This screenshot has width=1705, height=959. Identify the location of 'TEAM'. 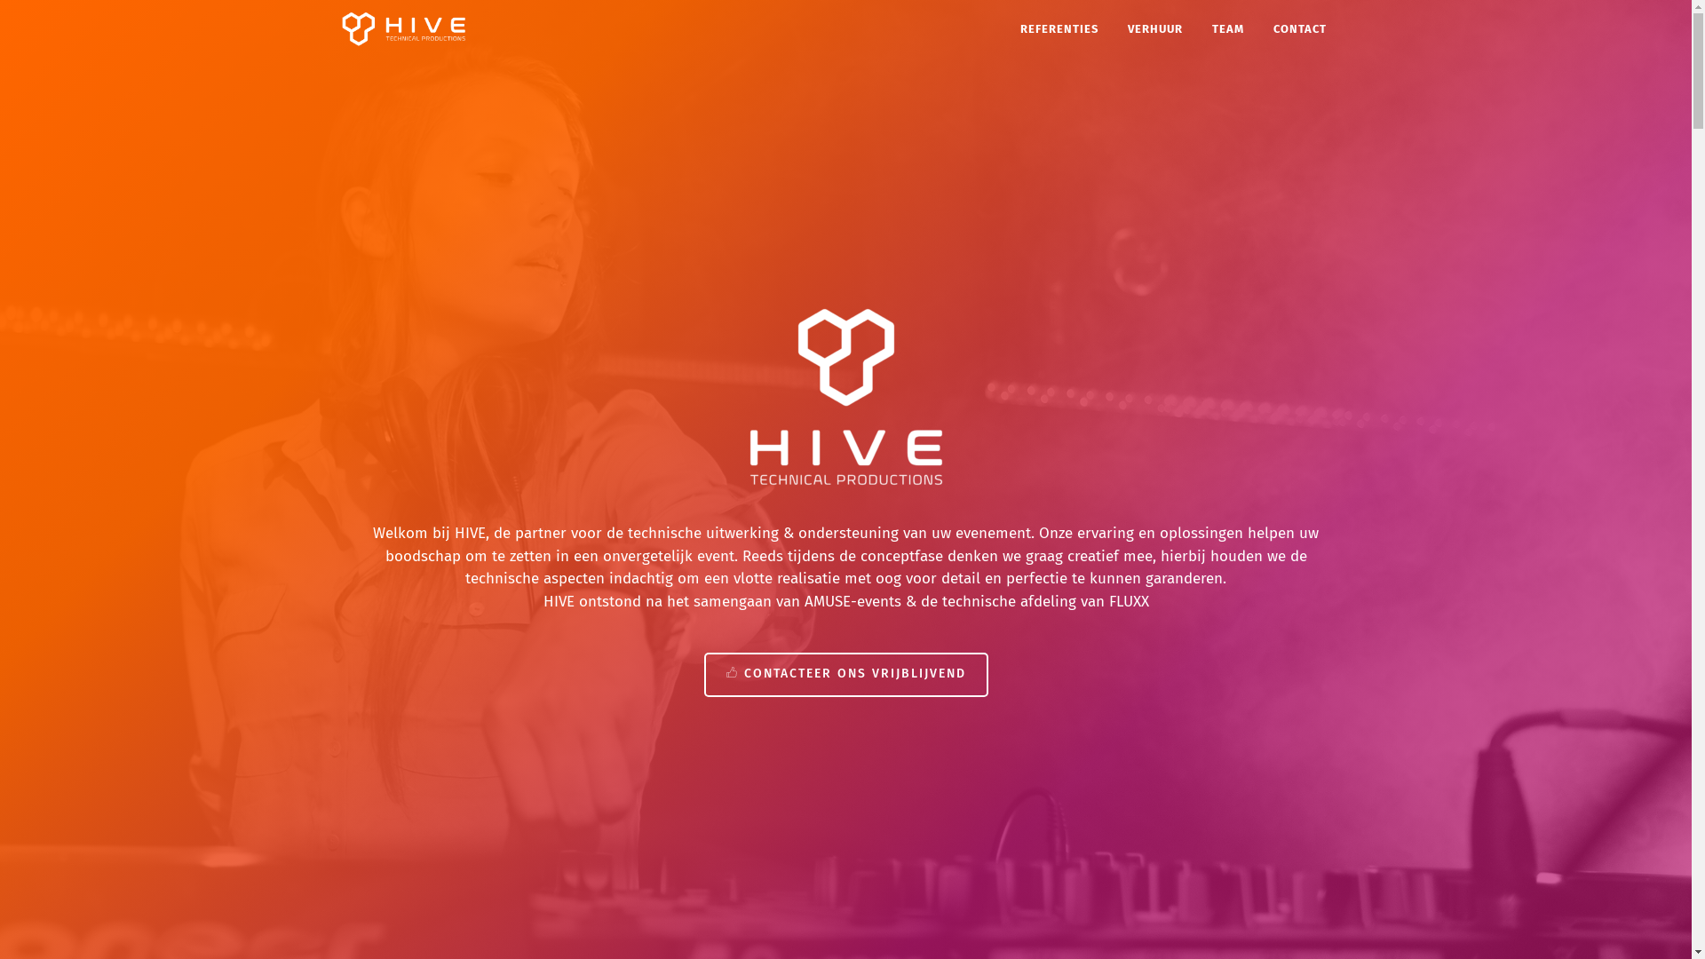
(1226, 28).